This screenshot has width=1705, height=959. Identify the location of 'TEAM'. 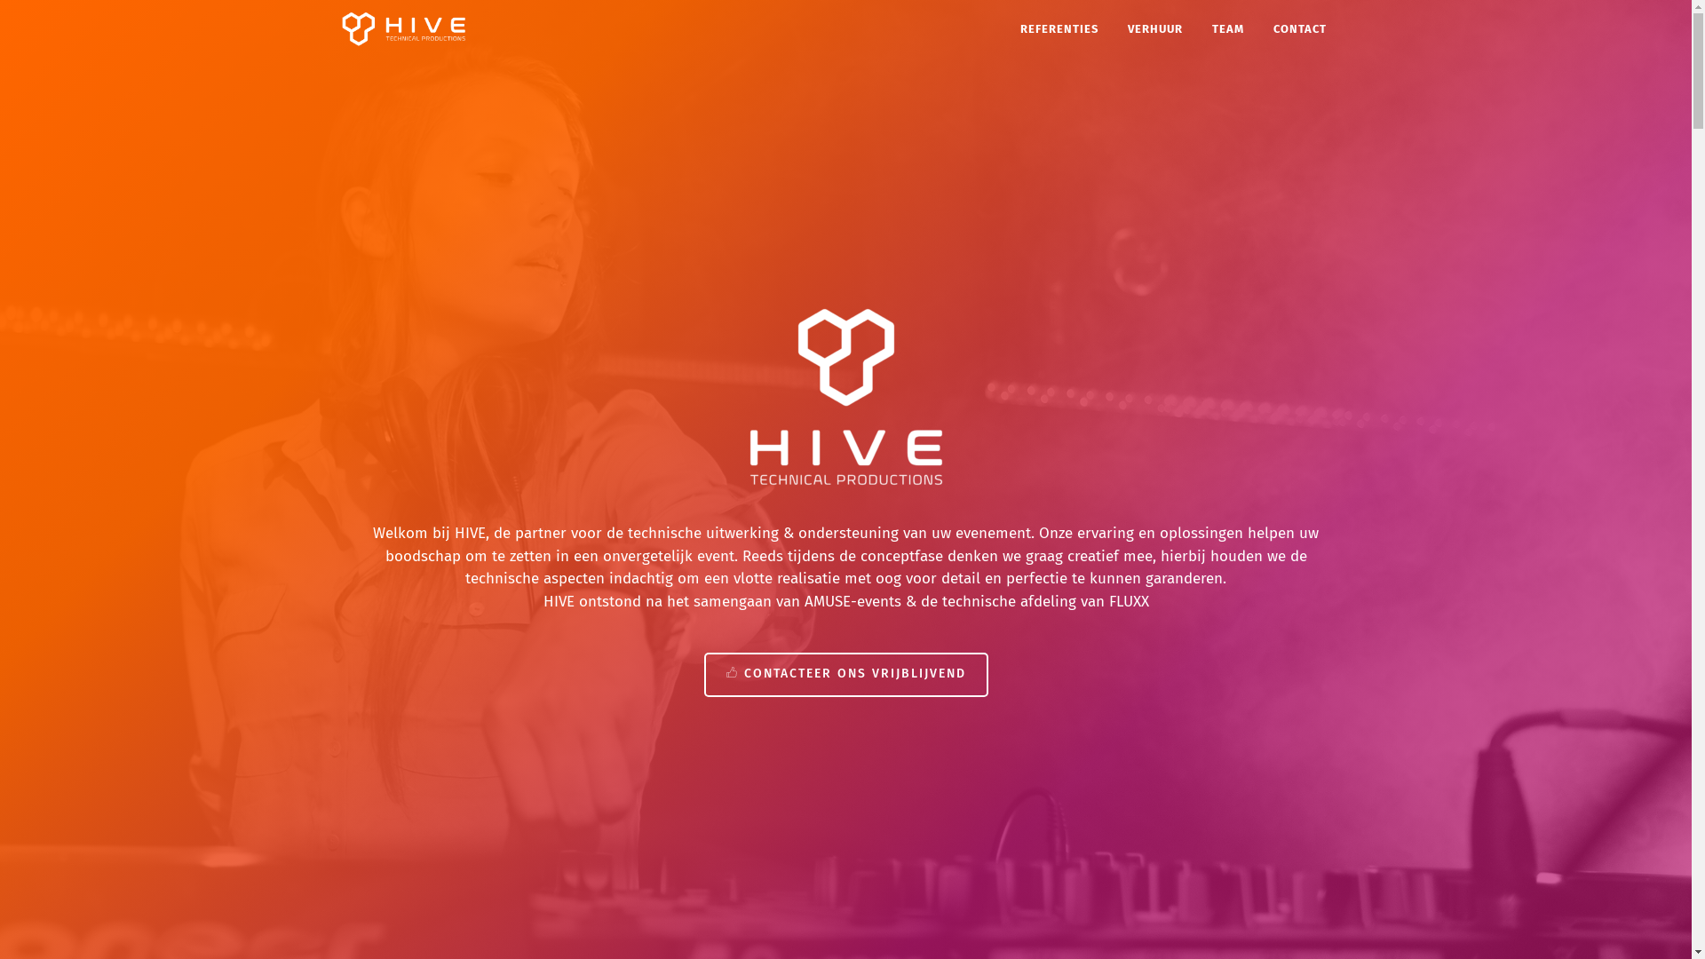
(1226, 28).